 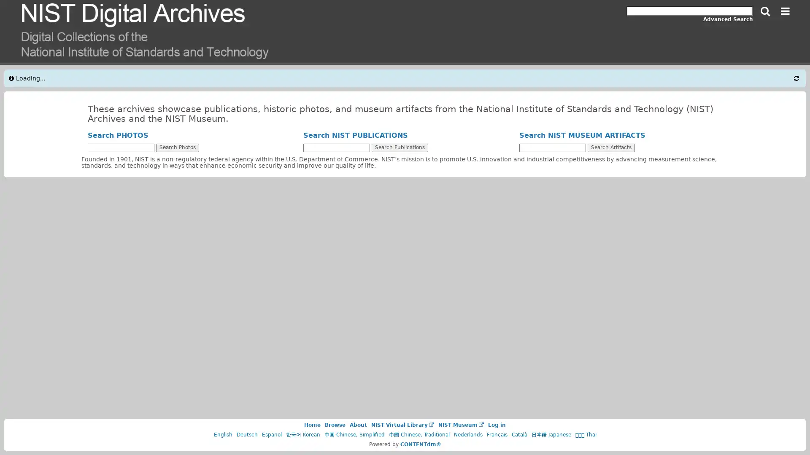 What do you see at coordinates (611, 125) in the screenshot?
I see `Search Artifacts` at bounding box center [611, 125].